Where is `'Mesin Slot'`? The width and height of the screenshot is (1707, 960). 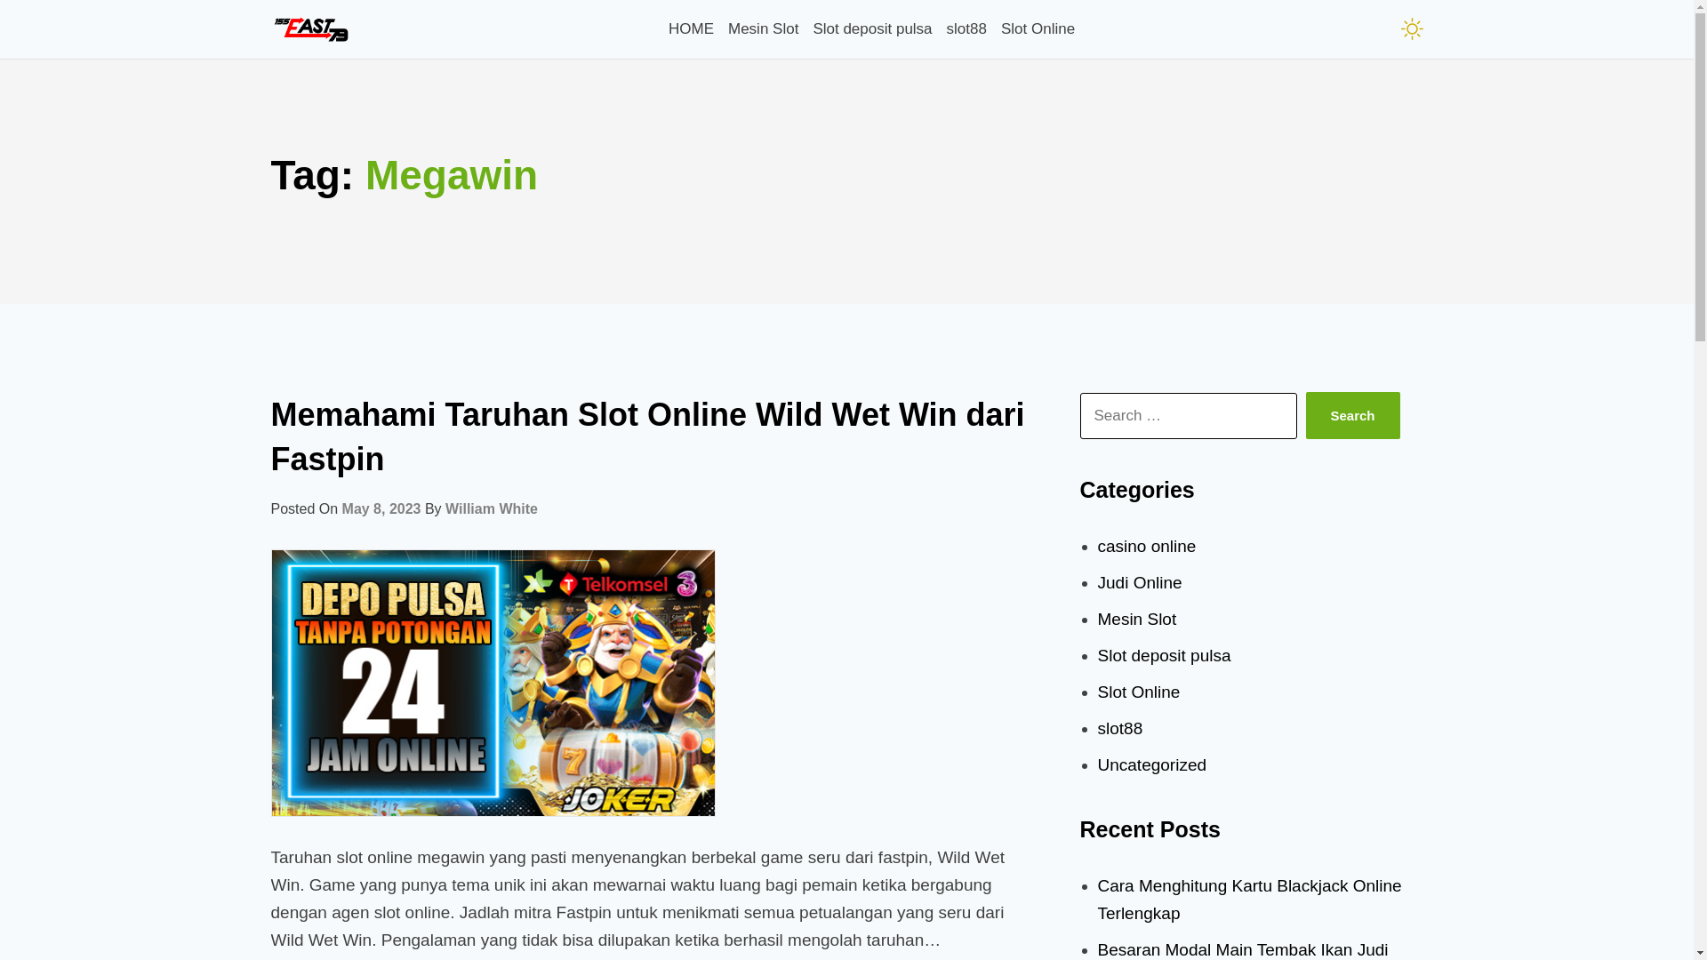
'Mesin Slot' is located at coordinates (1135, 618).